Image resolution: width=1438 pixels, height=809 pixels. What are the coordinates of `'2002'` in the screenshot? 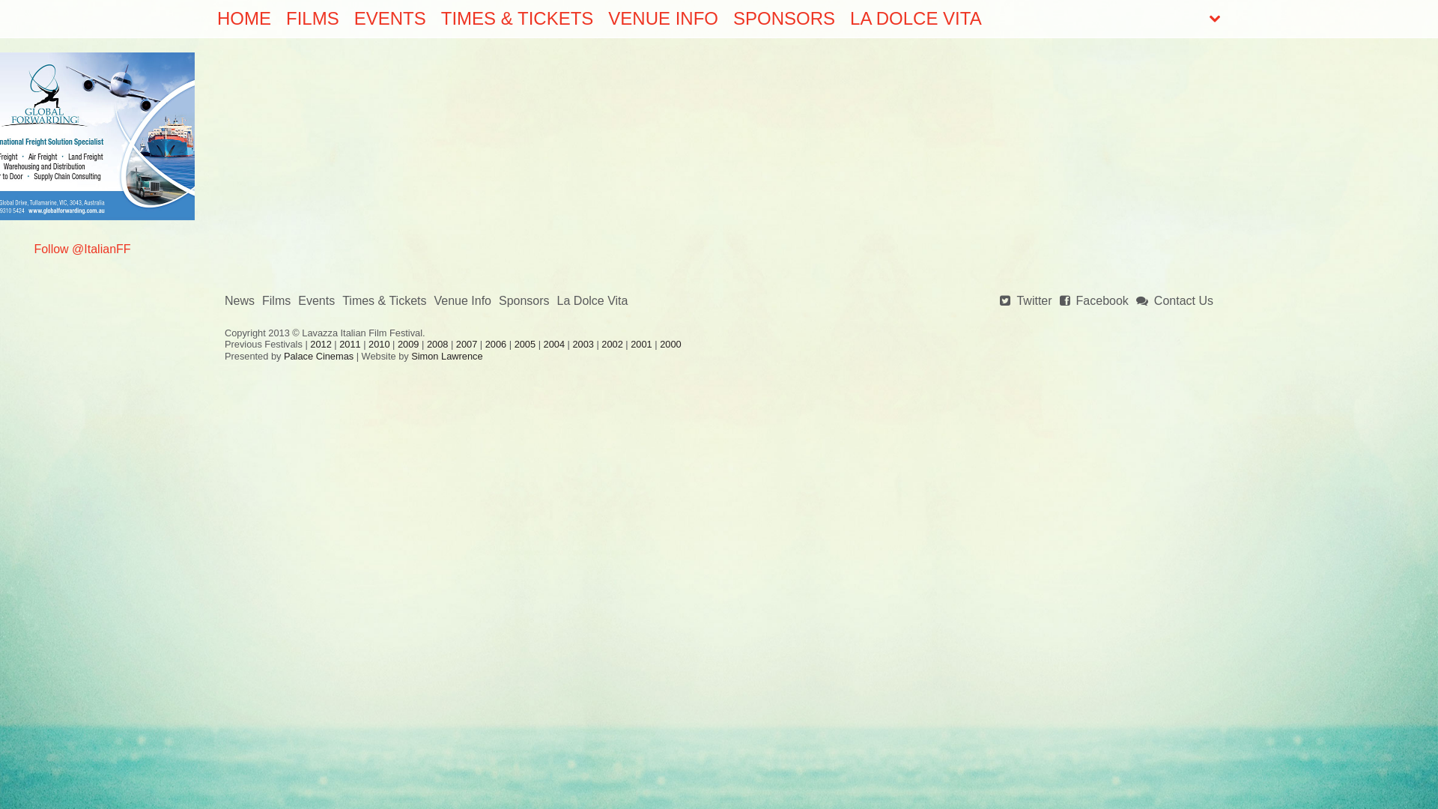 It's located at (611, 344).